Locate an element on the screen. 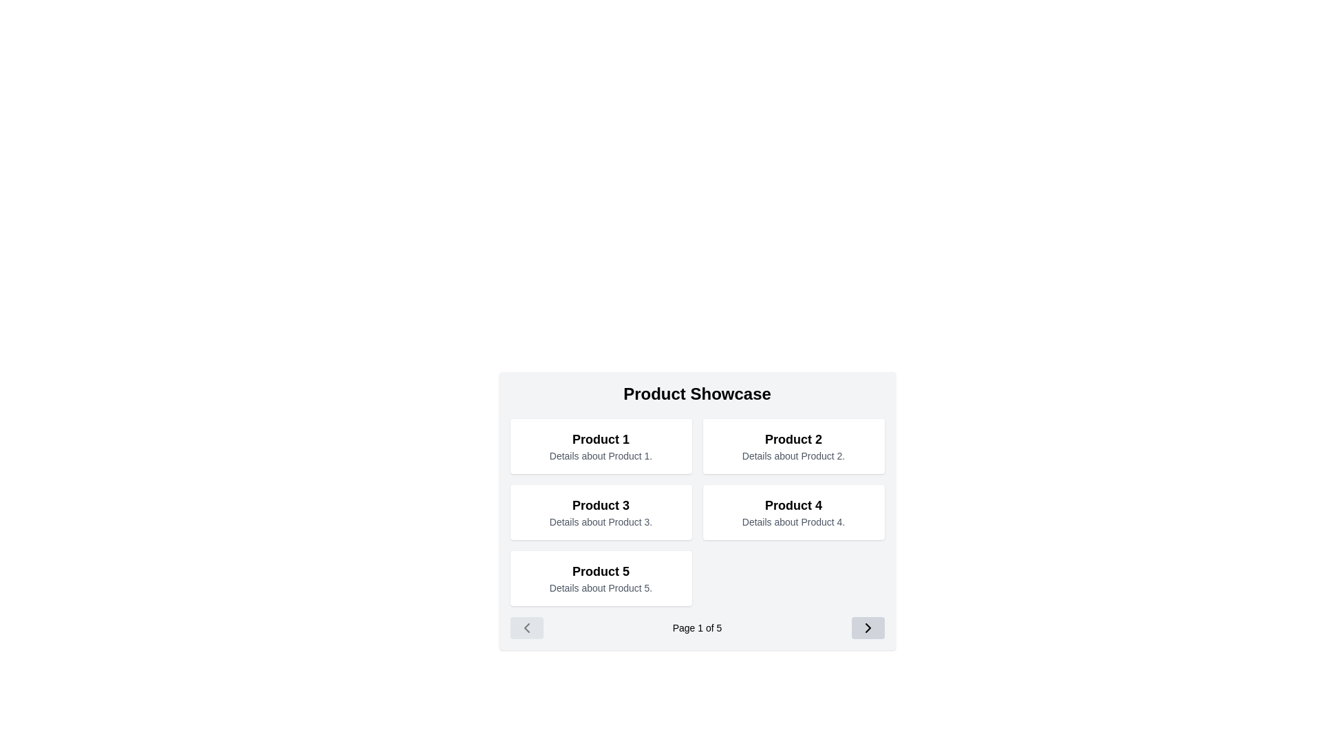 The image size is (1321, 743). details of the text element that contains 'Details about Product 3.' located beneath the bold title 'Product 3' in the third card of the grid layout is located at coordinates (601, 522).